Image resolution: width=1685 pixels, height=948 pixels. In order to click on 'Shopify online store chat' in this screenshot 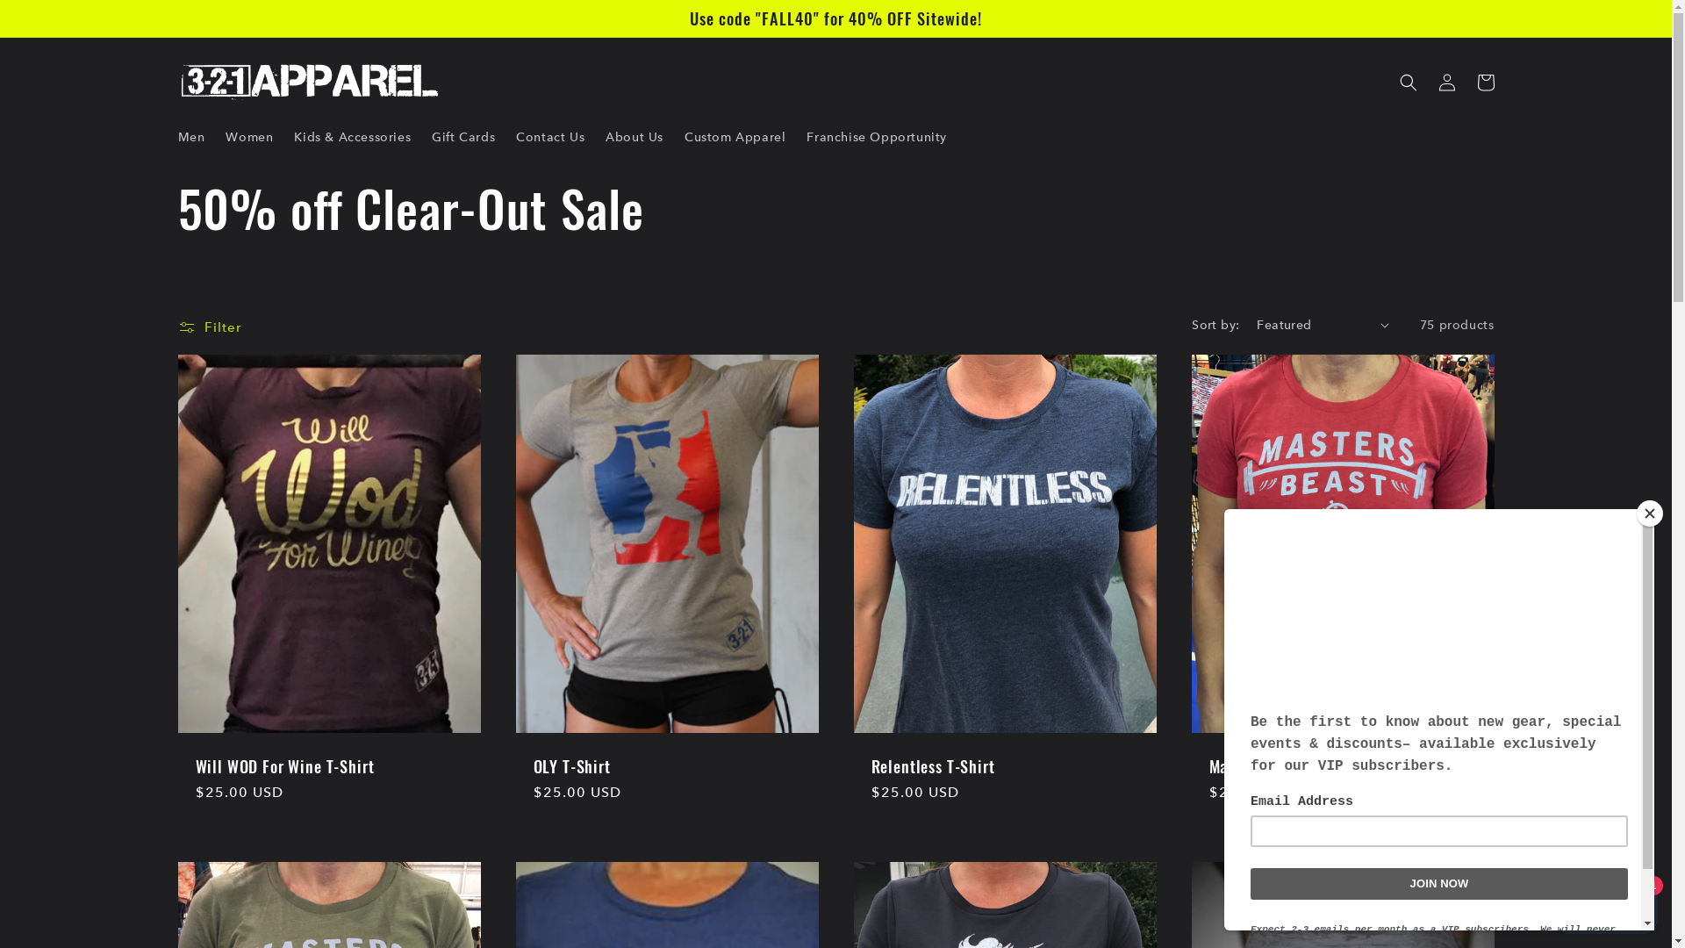, I will do `click(1606, 903)`.